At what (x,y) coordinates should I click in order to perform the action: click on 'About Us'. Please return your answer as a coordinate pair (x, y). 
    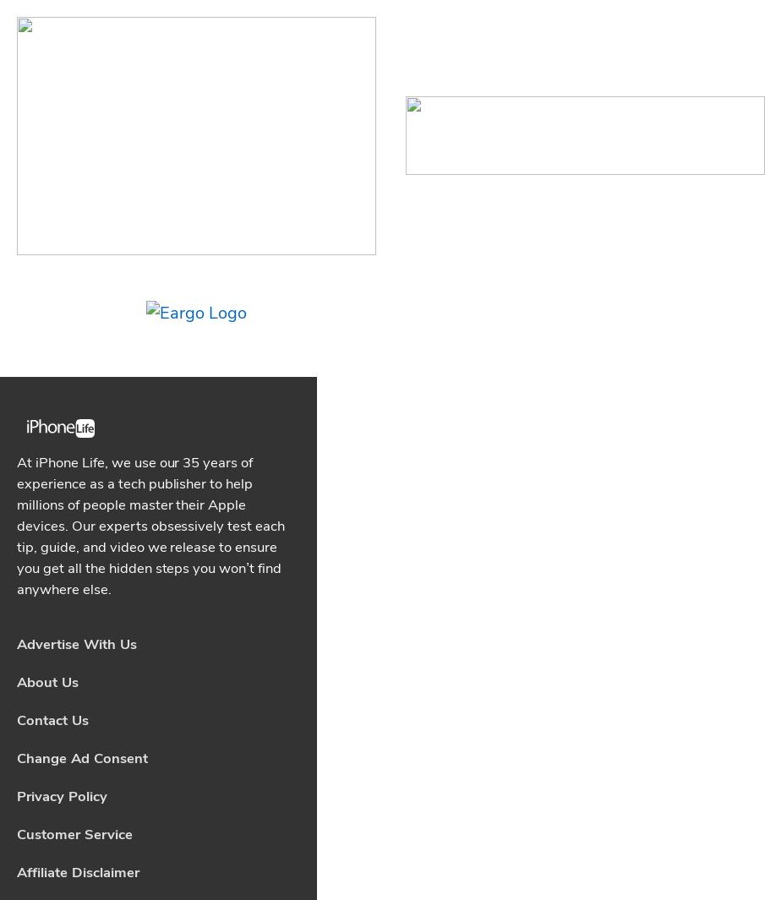
    Looking at the image, I should click on (47, 184).